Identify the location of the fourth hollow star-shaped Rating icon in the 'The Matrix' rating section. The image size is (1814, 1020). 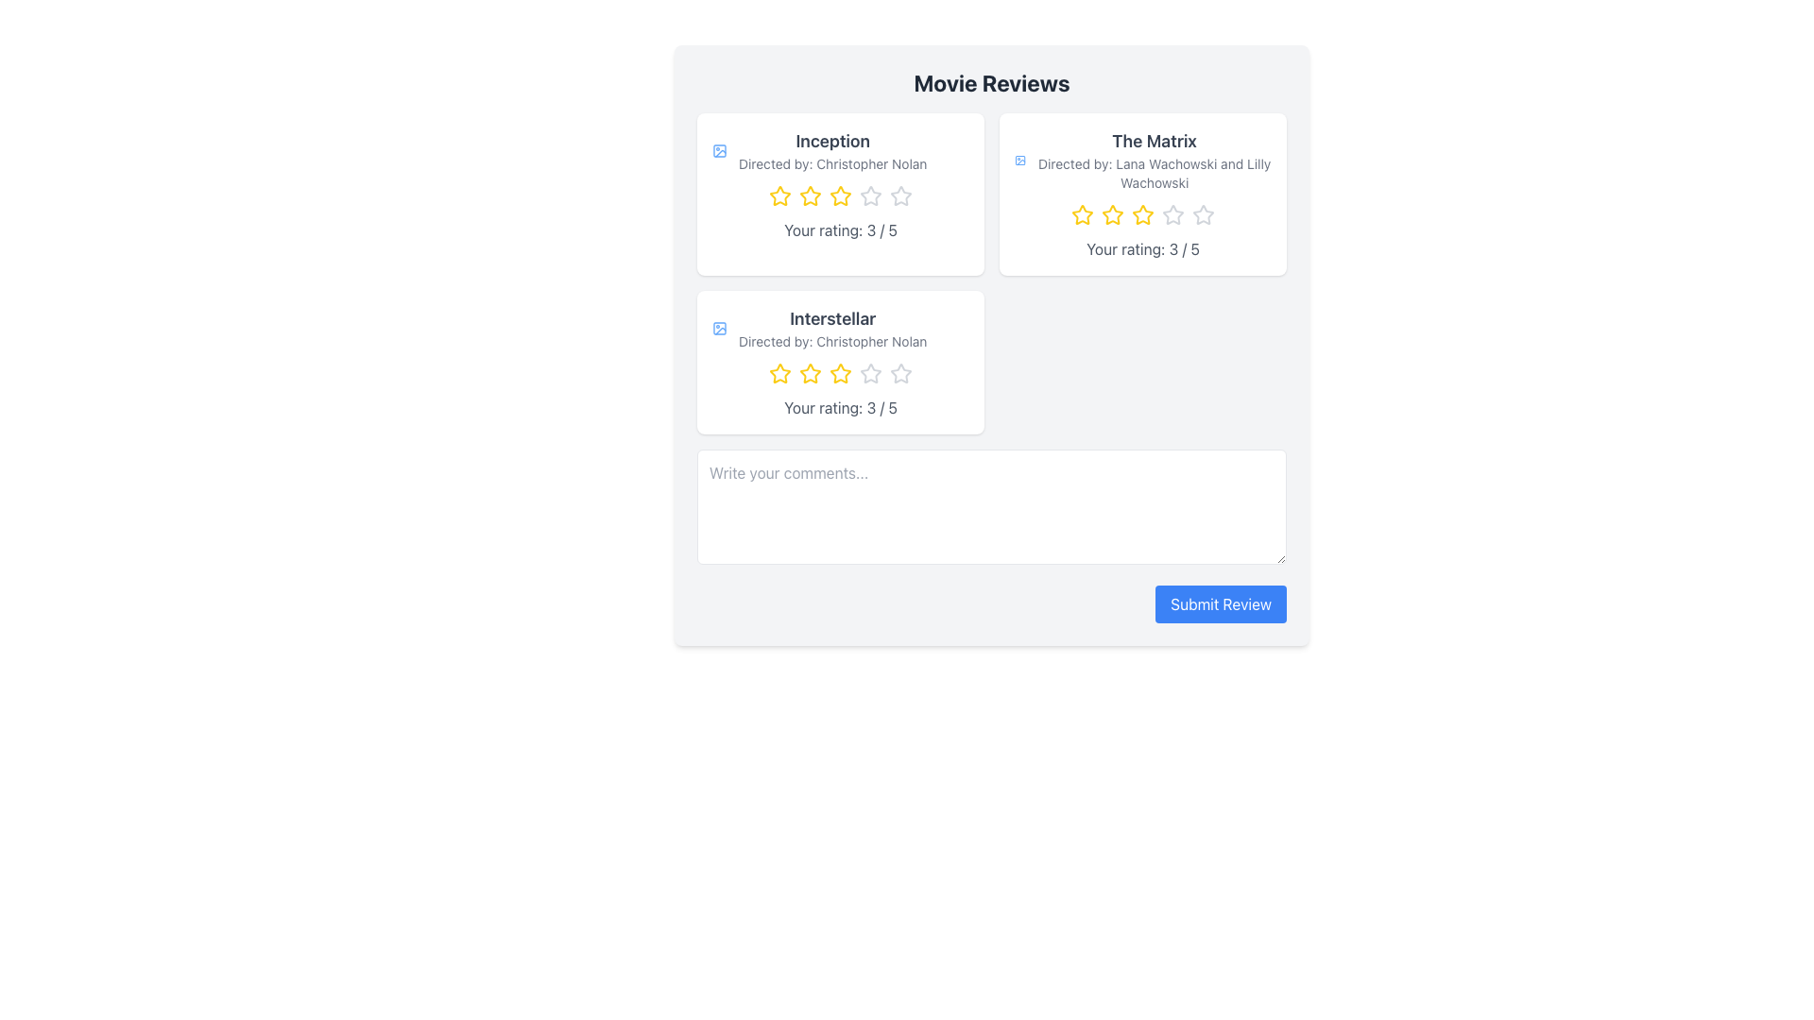
(1172, 213).